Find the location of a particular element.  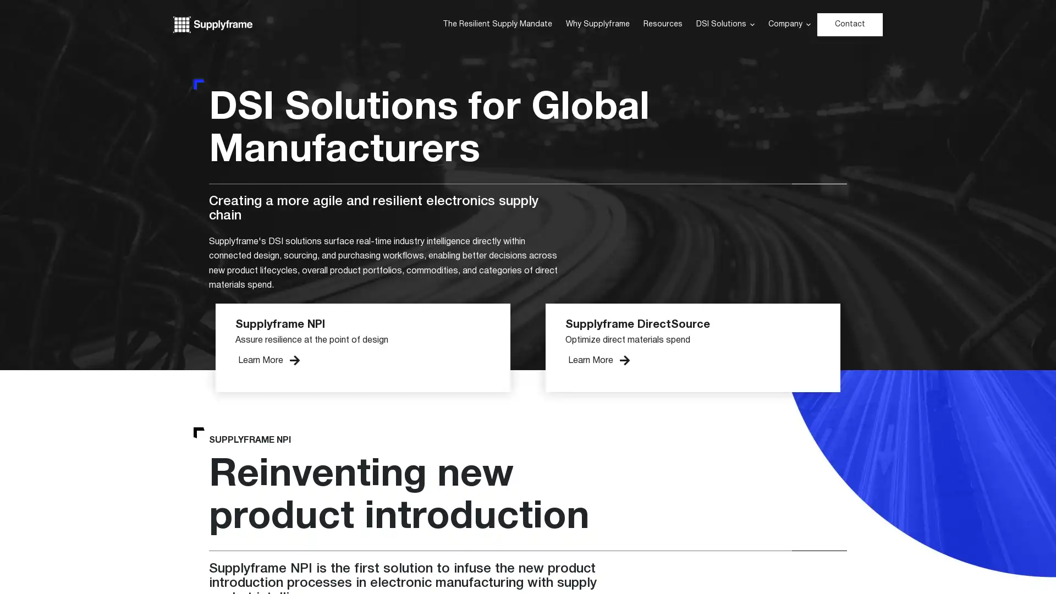

Learn More is located at coordinates (598, 360).